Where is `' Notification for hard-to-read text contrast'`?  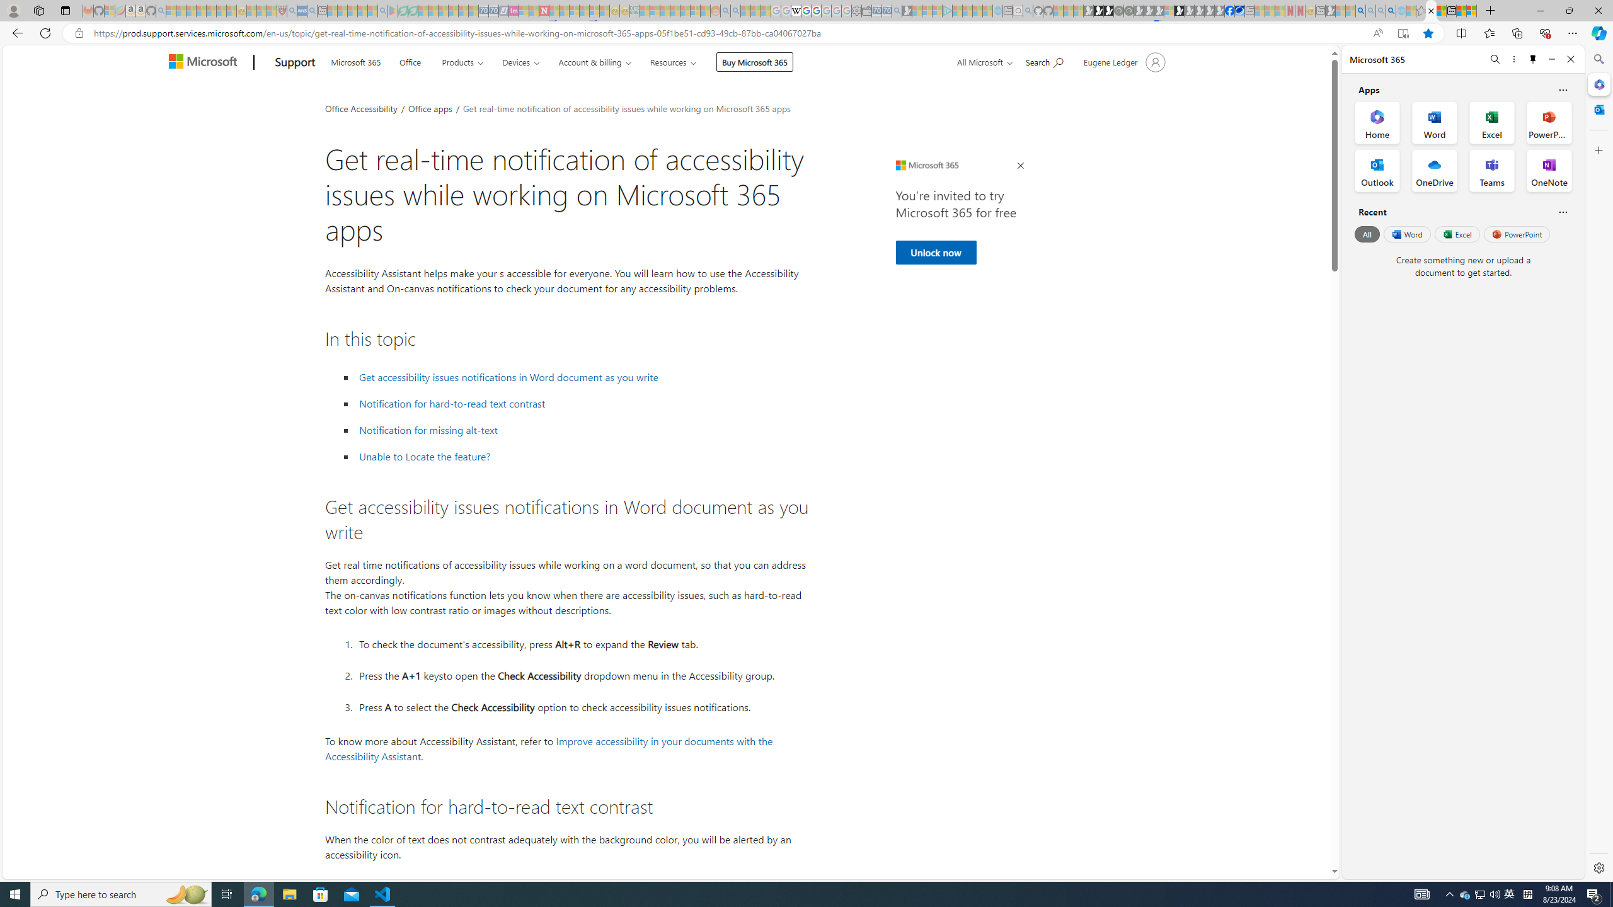 ' Notification for hard-to-read text contrast' is located at coordinates (452, 403).